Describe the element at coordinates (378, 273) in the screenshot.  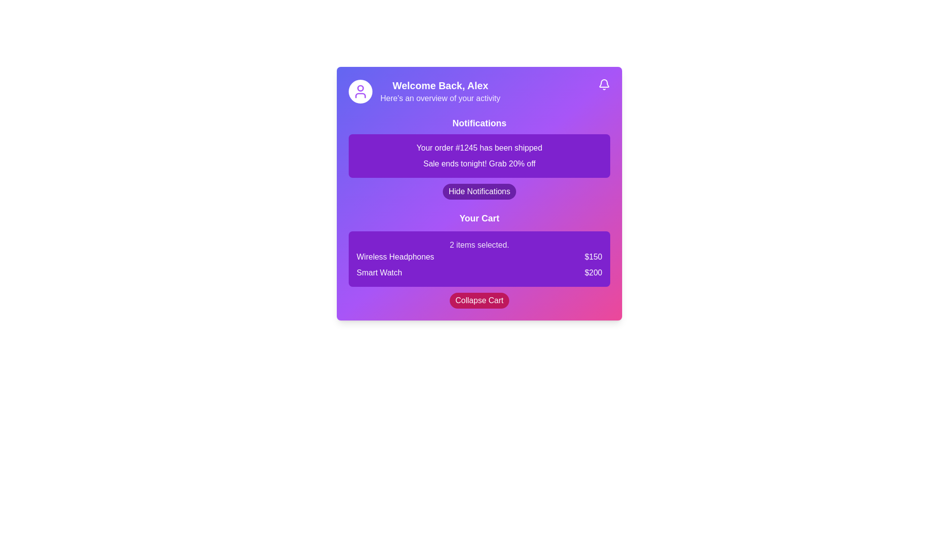
I see `the 'Smart Watch' text label, which is displayed in white font on a purple background, located in the 'Your Cart' section below 'Wireless Headphones'` at that location.